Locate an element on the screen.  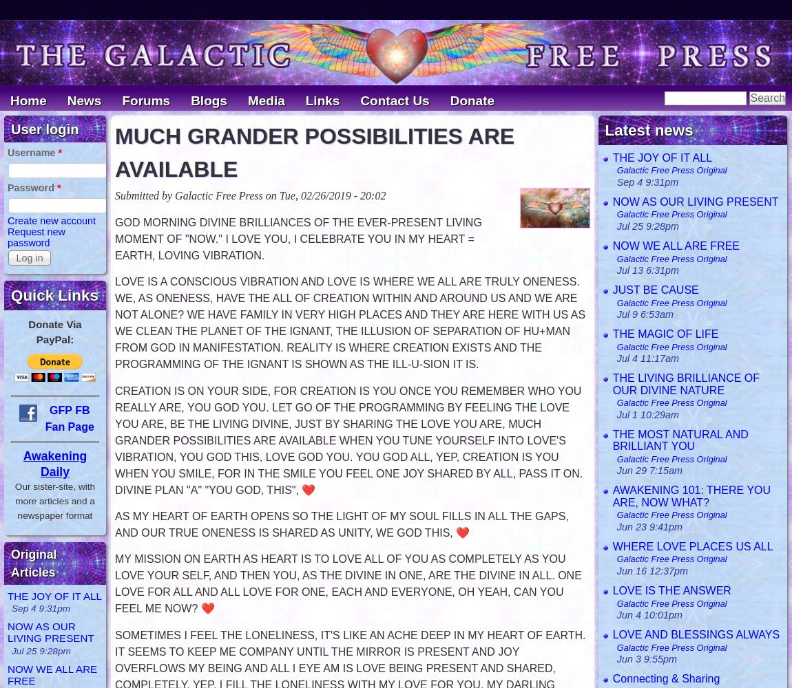
'THE MAGIC OF LIFE' is located at coordinates (665, 332).